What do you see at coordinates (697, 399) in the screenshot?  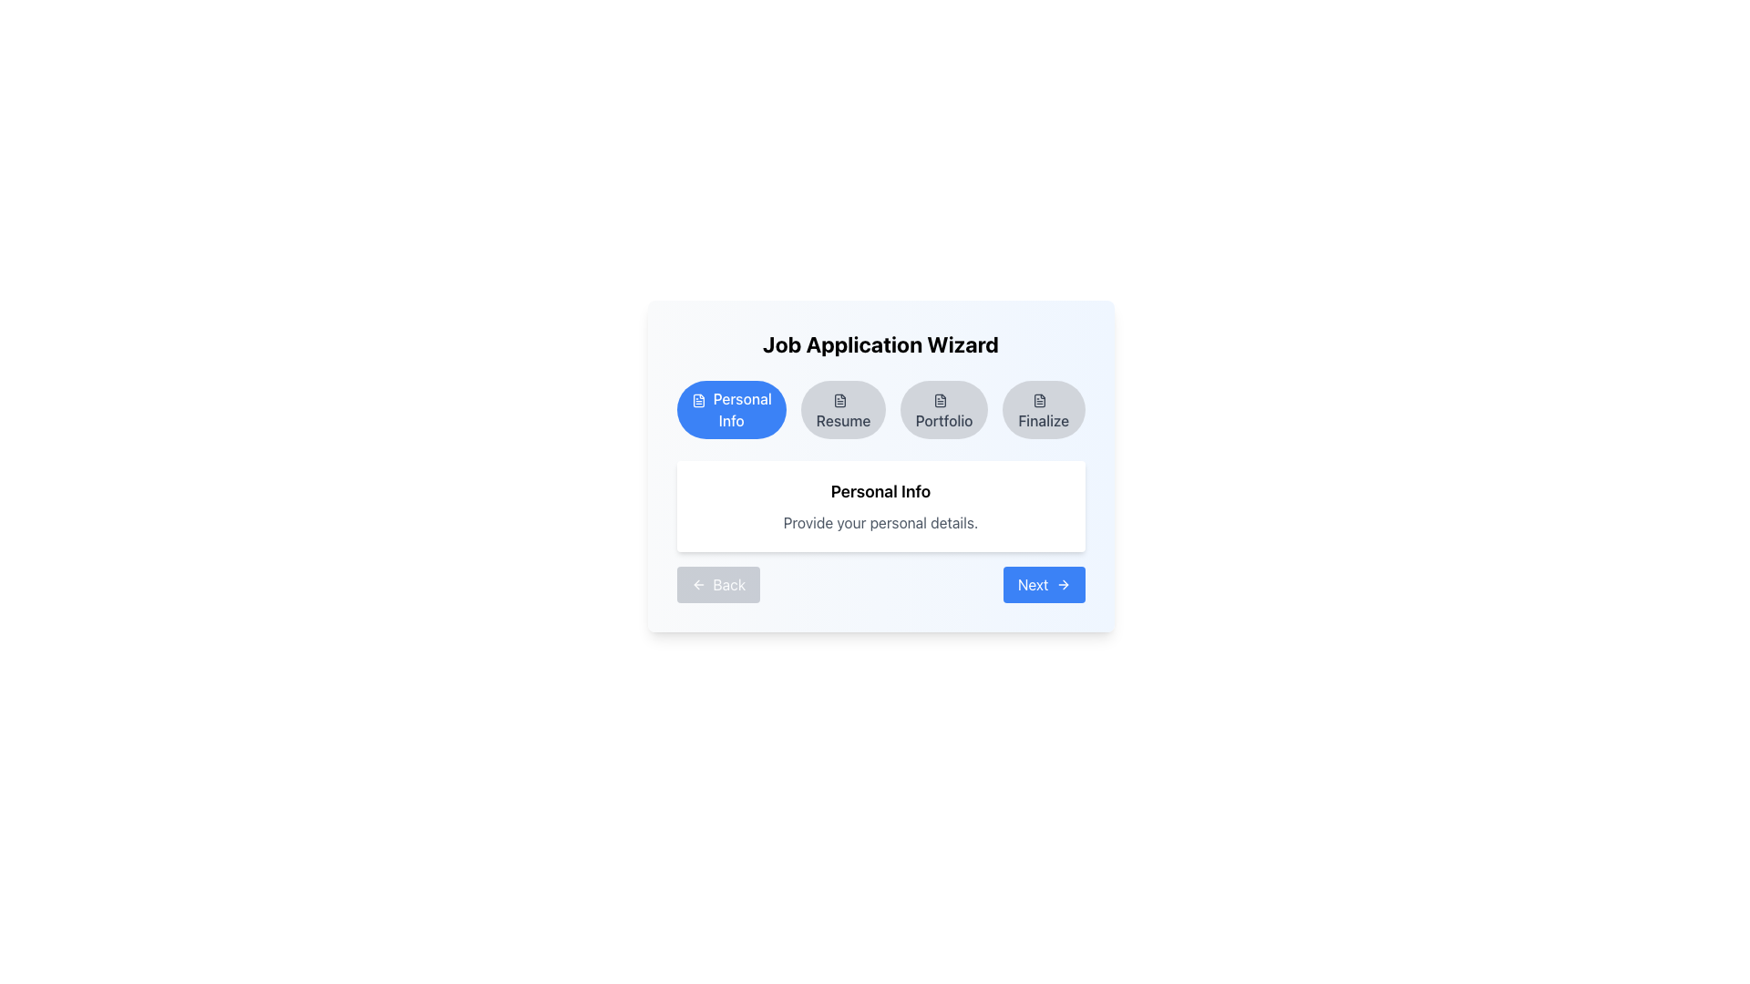 I see `the document icon in the 'Personal Info' section of the Job Application Wizard interface, which is the first icon in the row of tabs` at bounding box center [697, 399].